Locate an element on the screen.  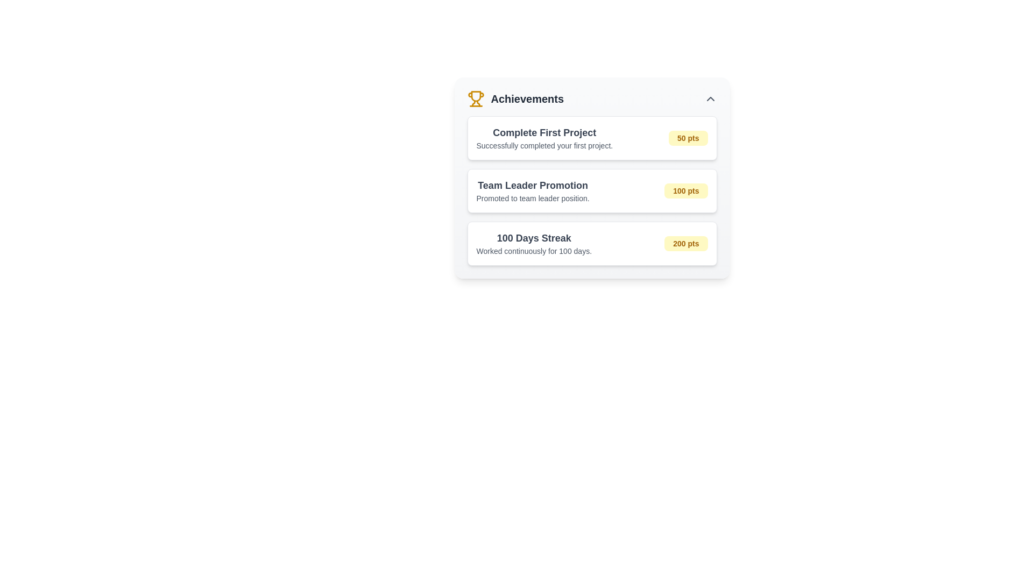
the first informational card displaying 'Complete First Project' with 50 pts in the achievements section, located directly beneath the 'Achievements' heading is located at coordinates (591, 138).